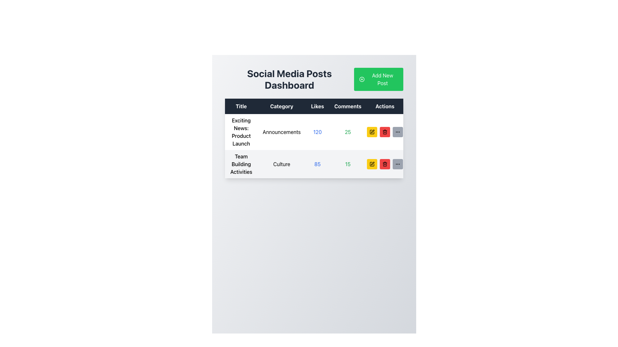  I want to click on displayed numeric value of likes for the 'Team Building Activities' item in the data table, located in the third column next to the column showing '15', so click(317, 164).